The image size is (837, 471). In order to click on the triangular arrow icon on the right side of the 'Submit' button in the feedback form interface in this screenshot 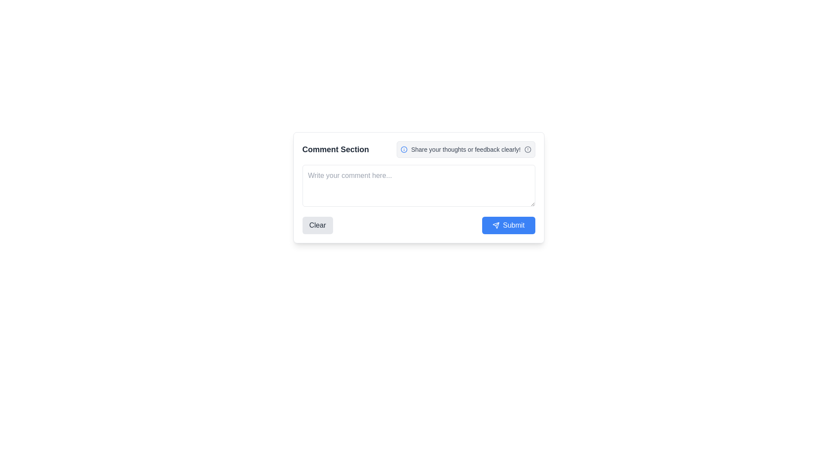, I will do `click(496, 225)`.